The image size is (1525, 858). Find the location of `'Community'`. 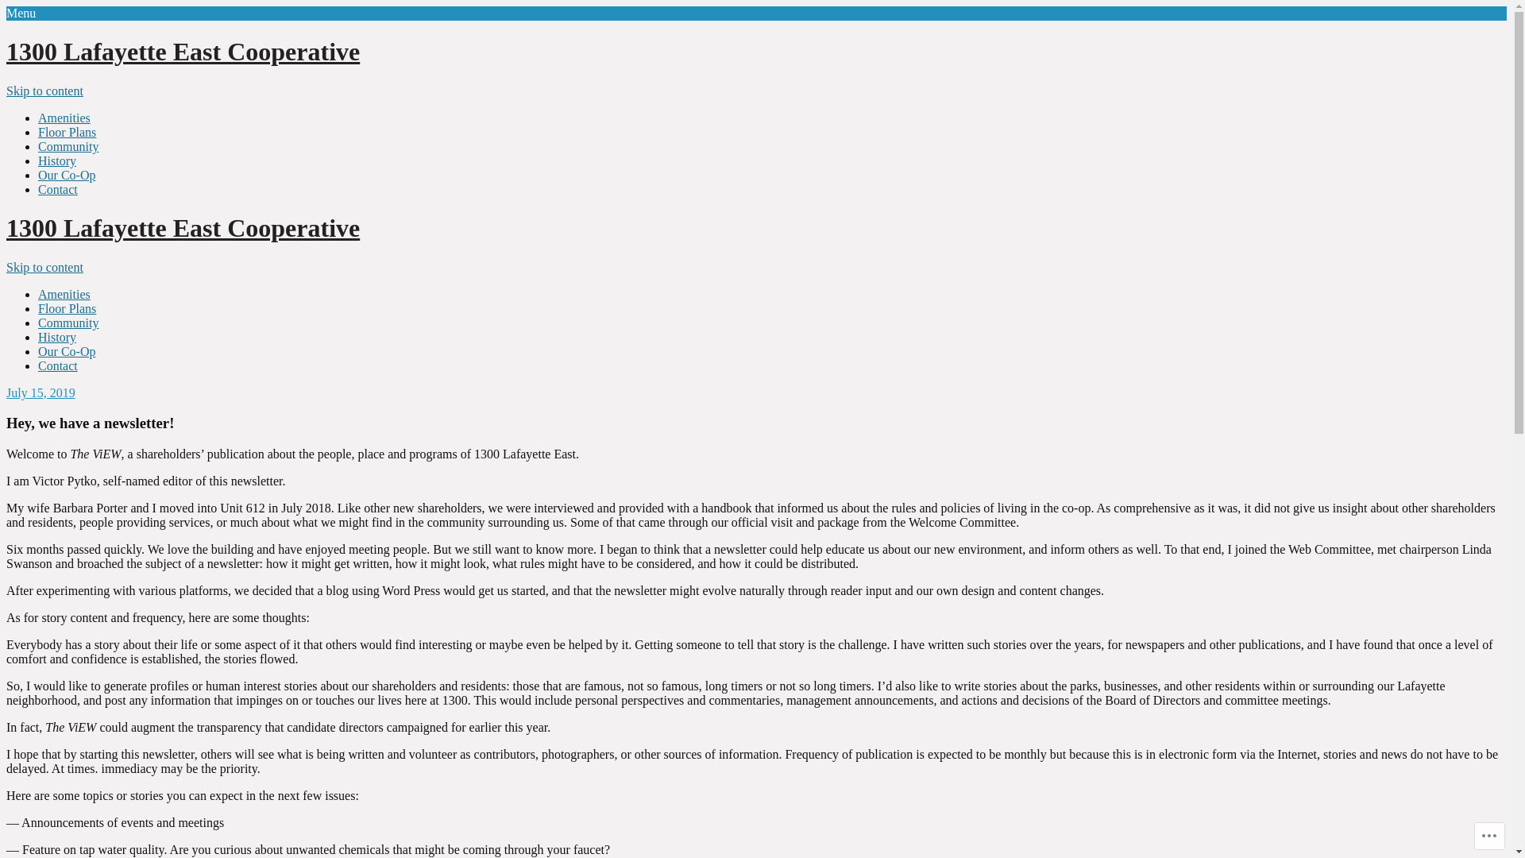

'Community' is located at coordinates (68, 322).